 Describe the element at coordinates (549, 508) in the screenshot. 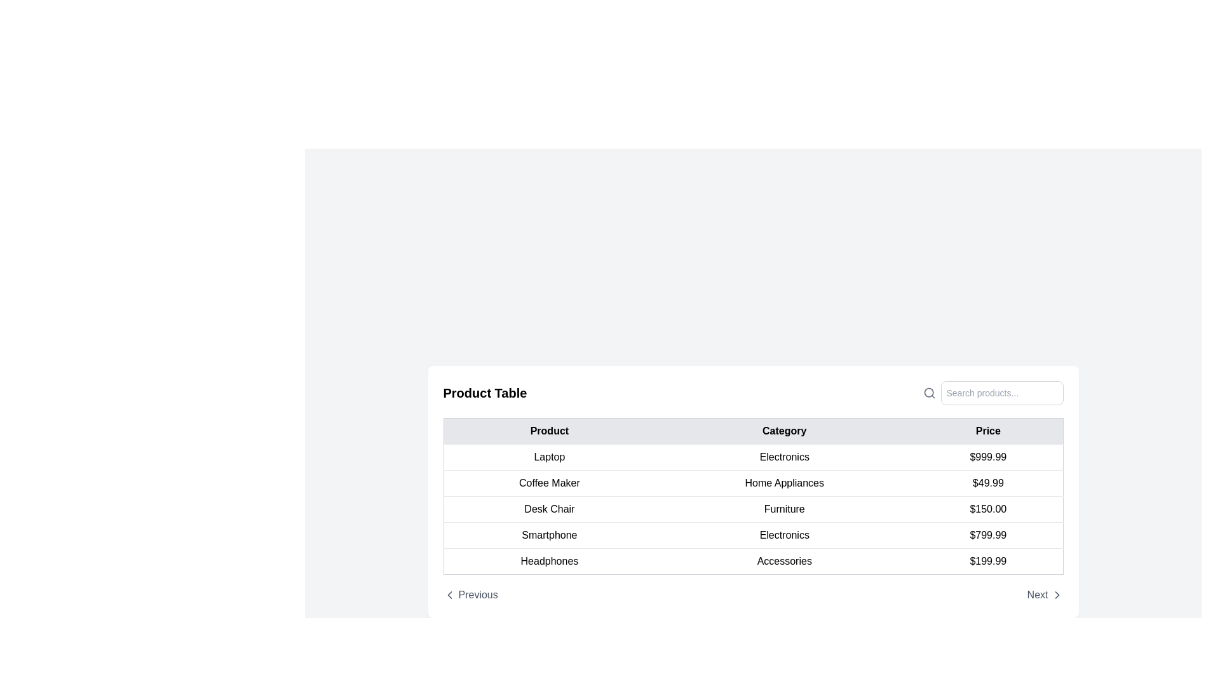

I see `the 'Desk Chair' text label in the 'Product' column` at that location.